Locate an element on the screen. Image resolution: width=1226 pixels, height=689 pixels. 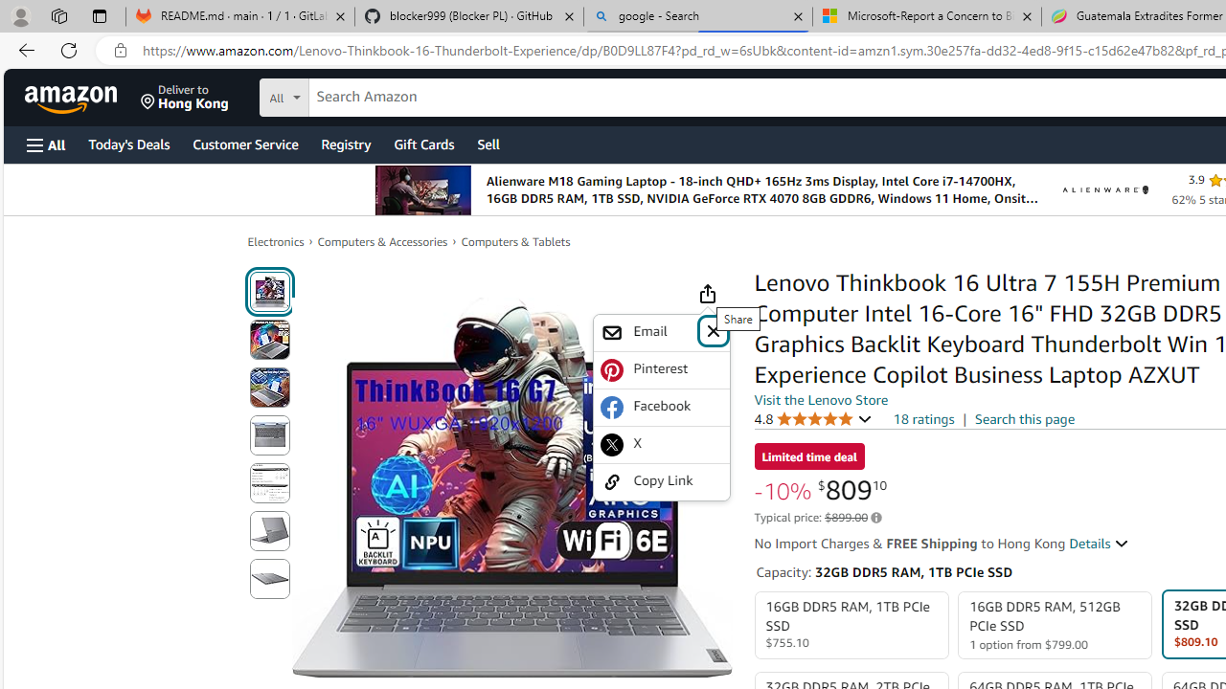
'X' is located at coordinates (661, 445).